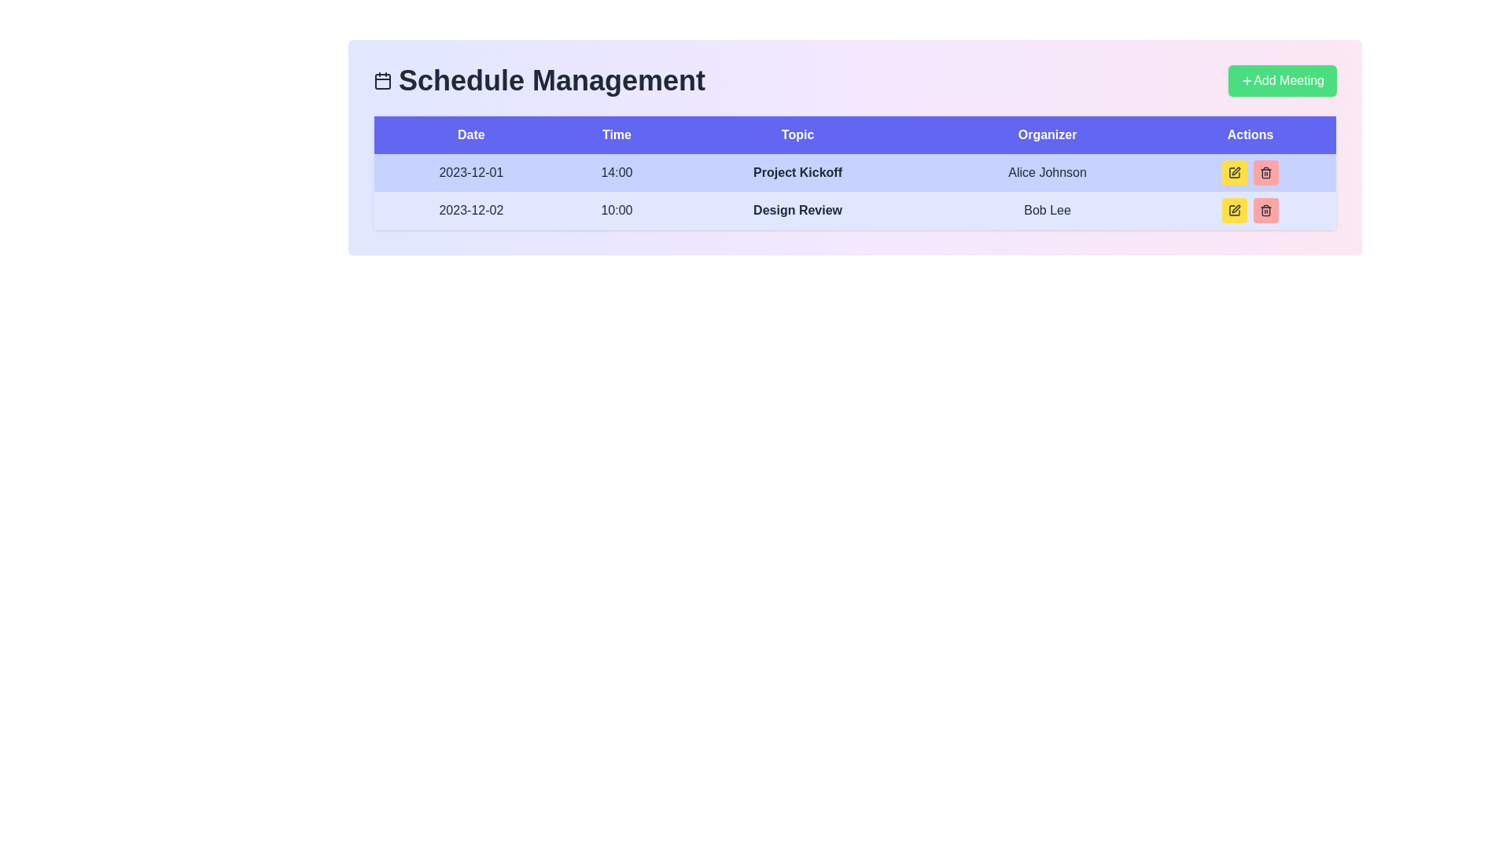 The width and height of the screenshot is (1510, 849). What do you see at coordinates (1249, 172) in the screenshot?
I see `the interactive icons for actions (edit and delete) in the Actions cell of the first row of the schedule table` at bounding box center [1249, 172].